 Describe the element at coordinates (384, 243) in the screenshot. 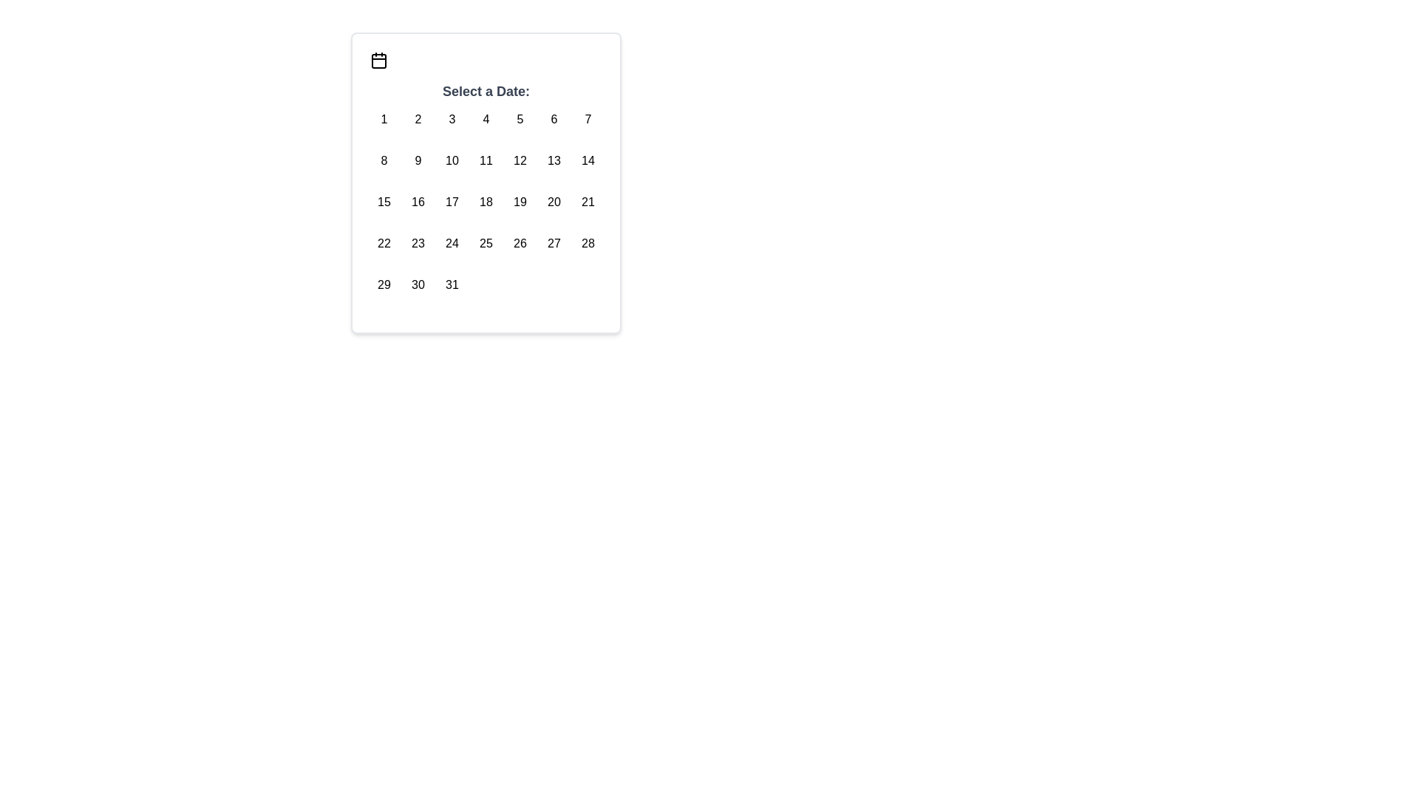

I see `the circular button displaying the number '22'` at that location.